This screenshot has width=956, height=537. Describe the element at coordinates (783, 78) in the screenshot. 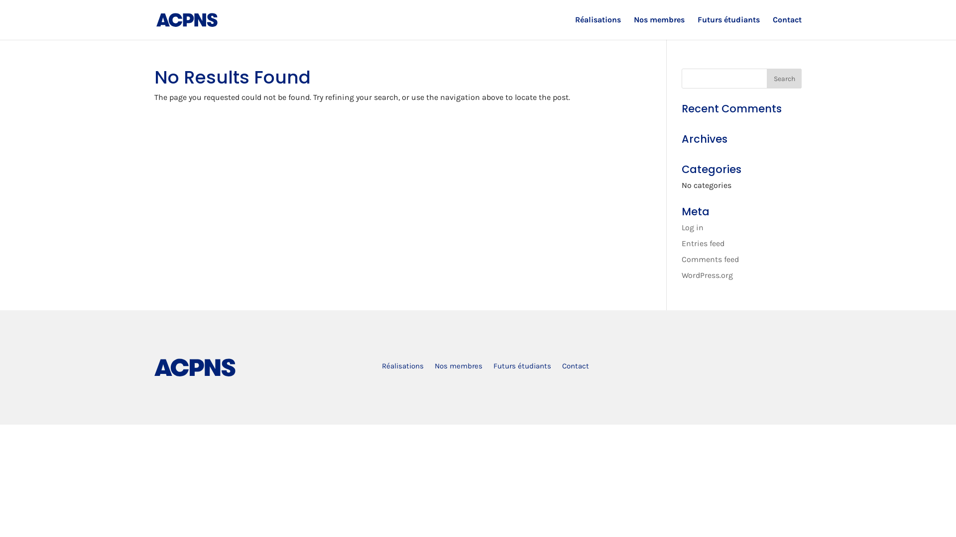

I see `'Search'` at that location.